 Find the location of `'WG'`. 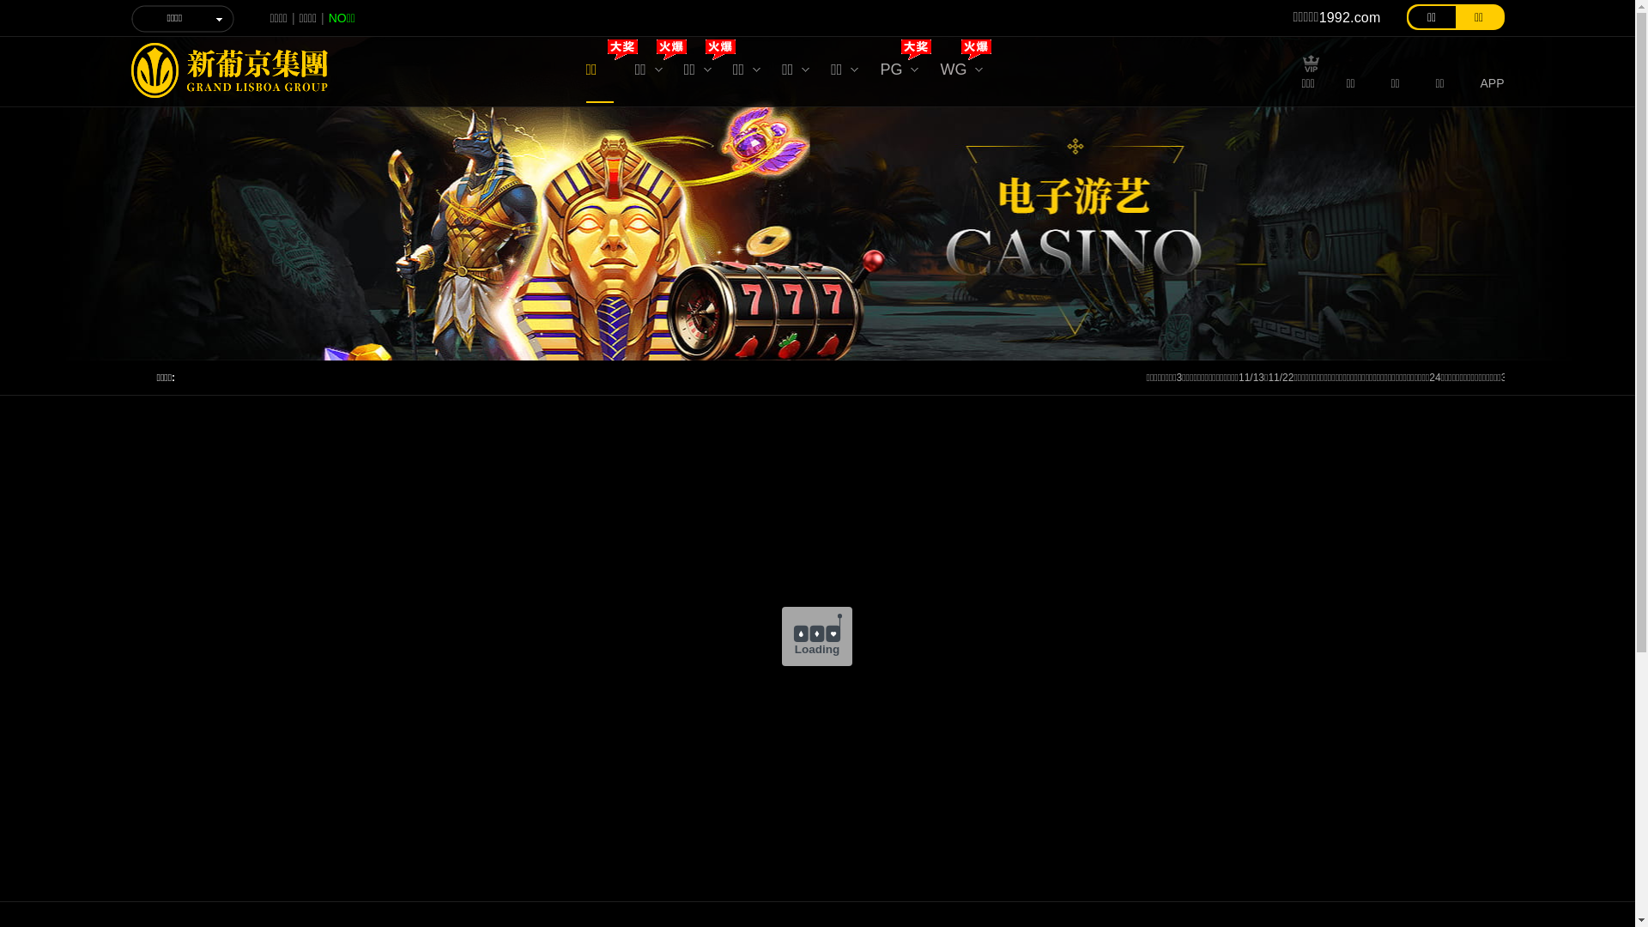

'WG' is located at coordinates (938, 73).